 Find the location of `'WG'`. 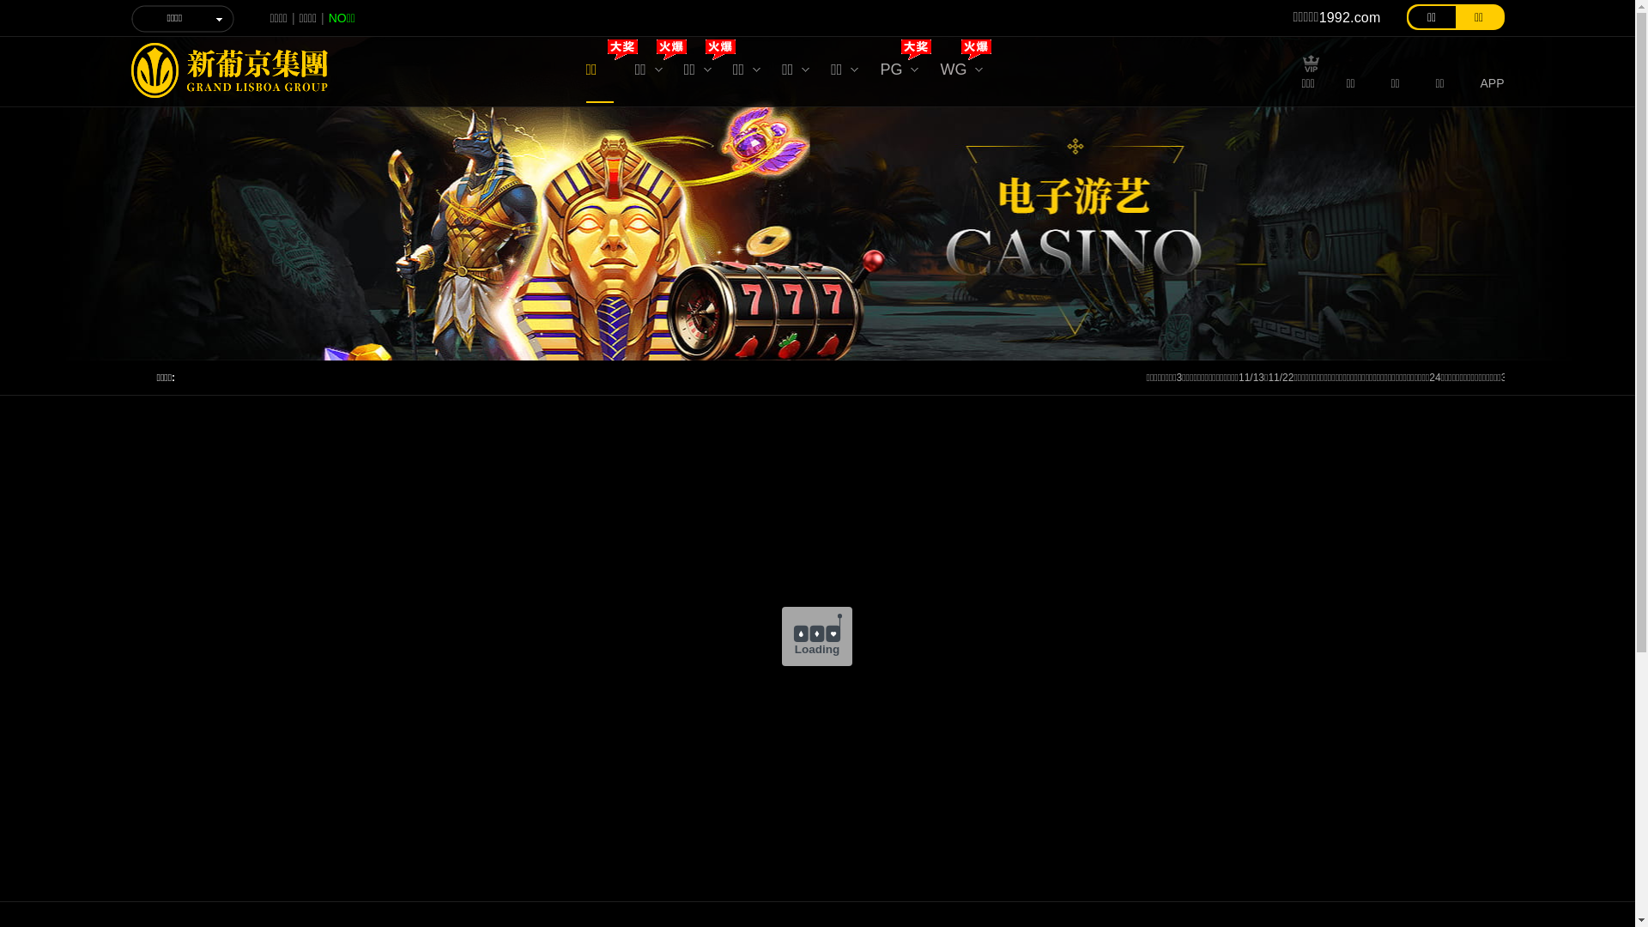

'WG' is located at coordinates (938, 73).